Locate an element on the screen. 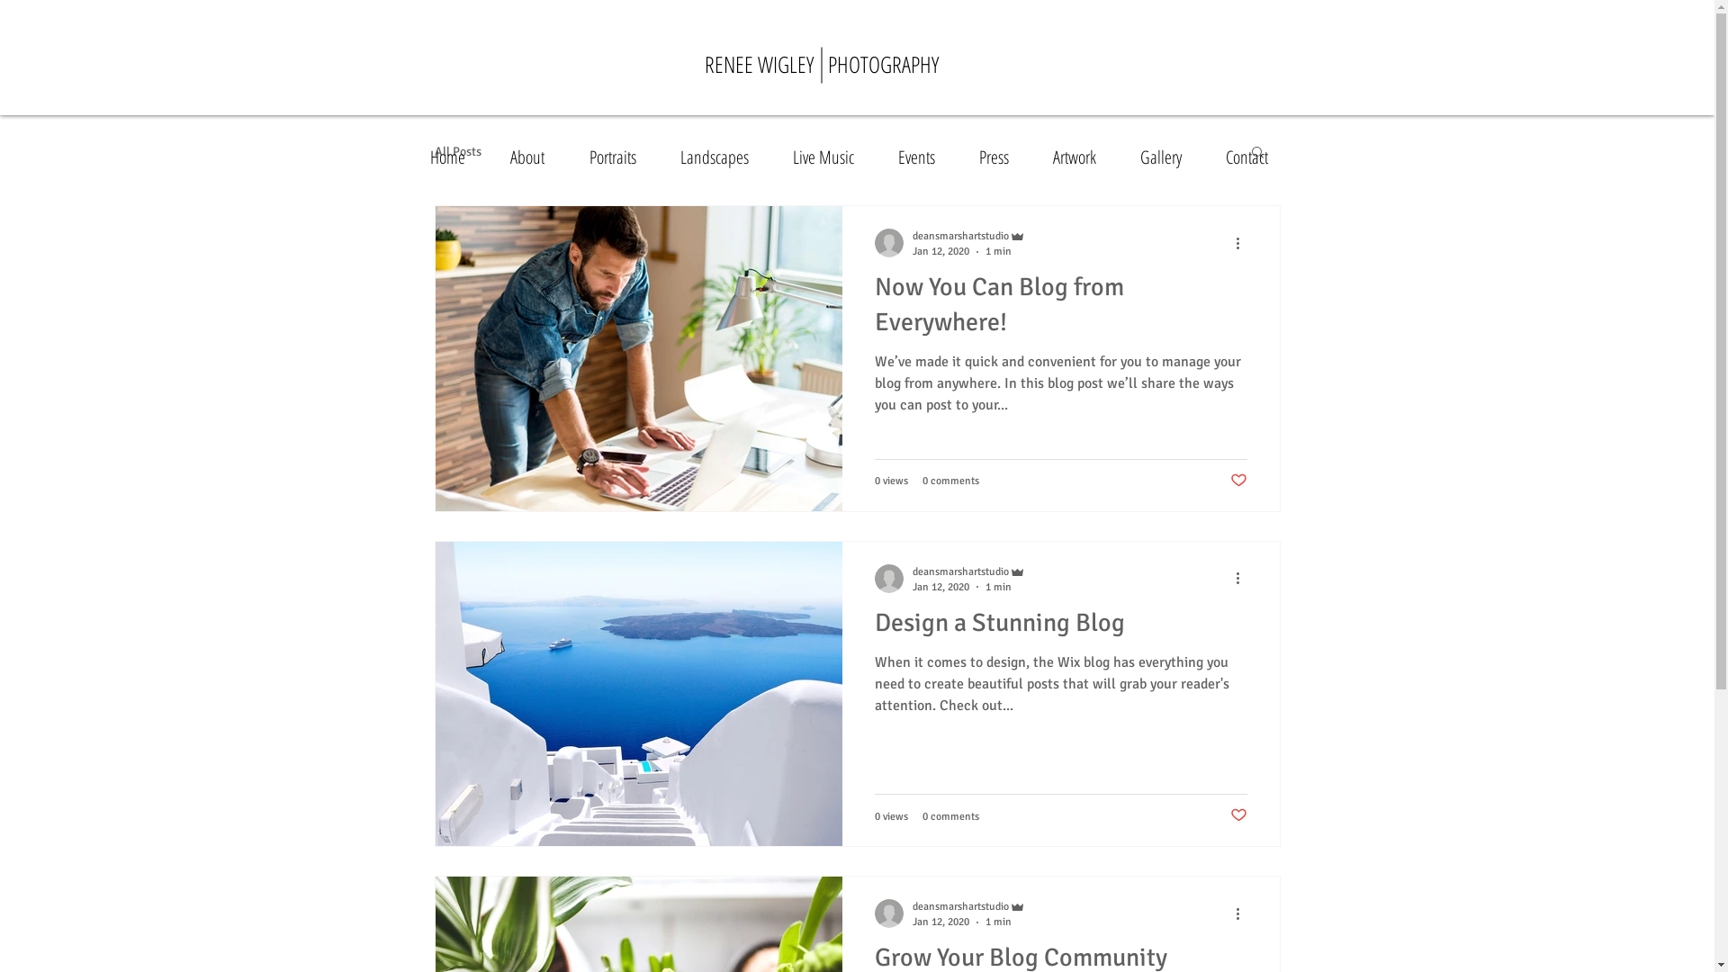 The image size is (1728, 972). '0 comments' is located at coordinates (949, 480).